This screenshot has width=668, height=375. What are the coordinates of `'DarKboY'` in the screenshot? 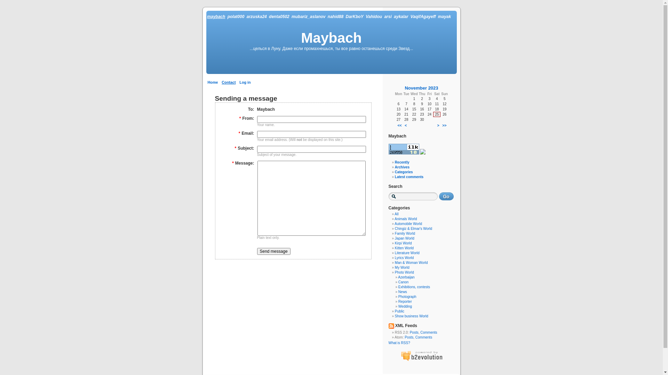 It's located at (355, 16).